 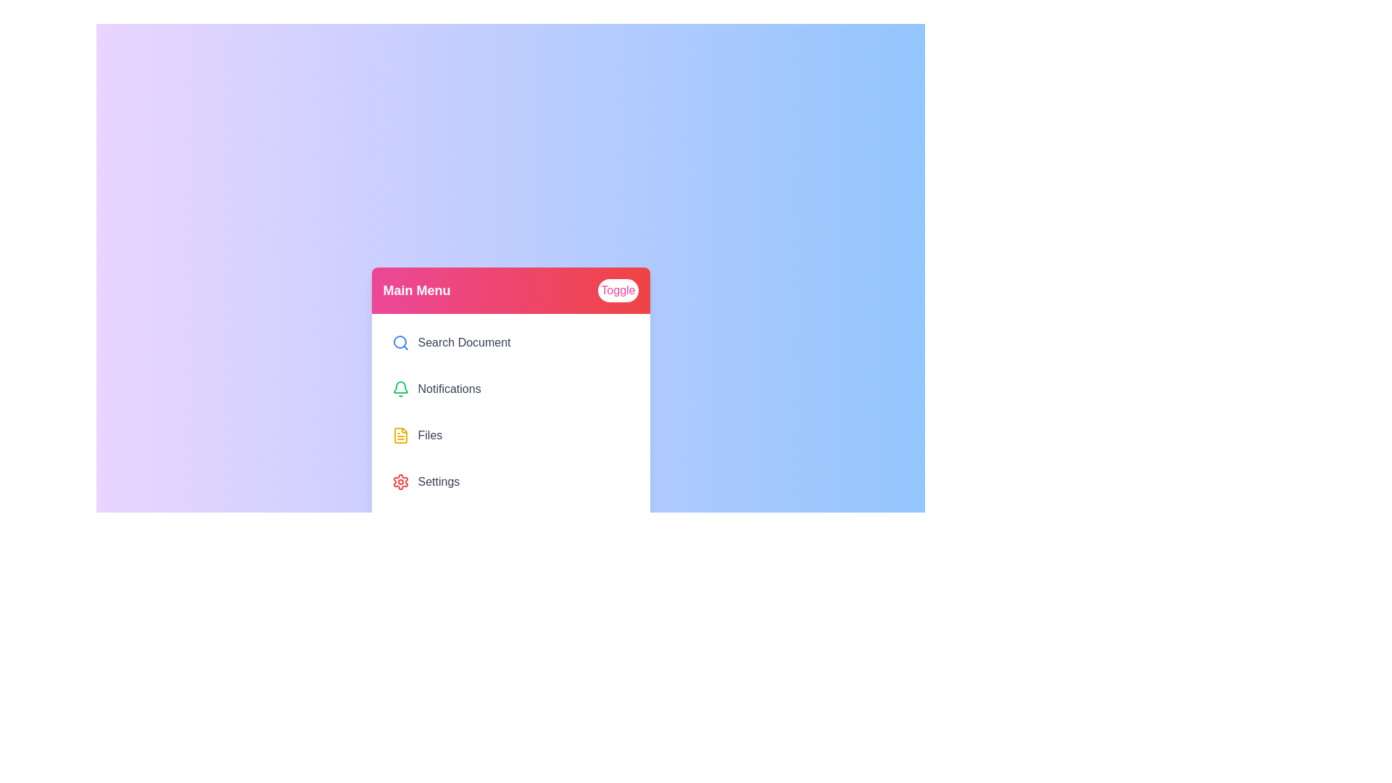 I want to click on the menu item labeled 'Files' to observe its hover effect, so click(x=510, y=435).